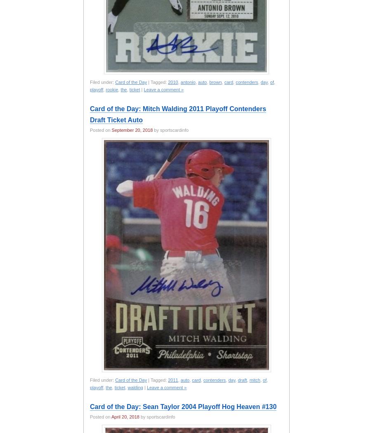  I want to click on 'rookie', so click(111, 89).